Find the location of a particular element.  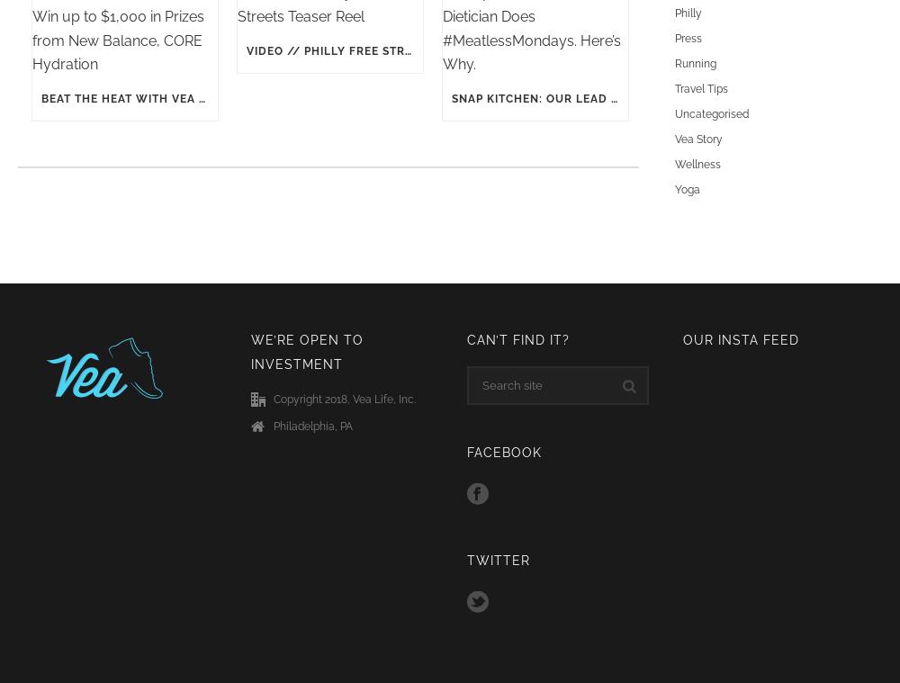

'Can’t find it?' is located at coordinates (517, 338).